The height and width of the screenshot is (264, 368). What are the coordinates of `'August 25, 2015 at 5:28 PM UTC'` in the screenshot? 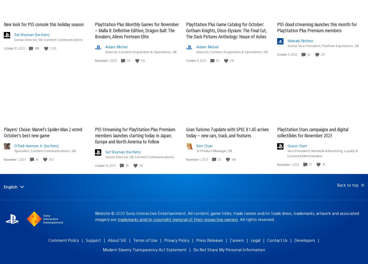 It's located at (90, 148).